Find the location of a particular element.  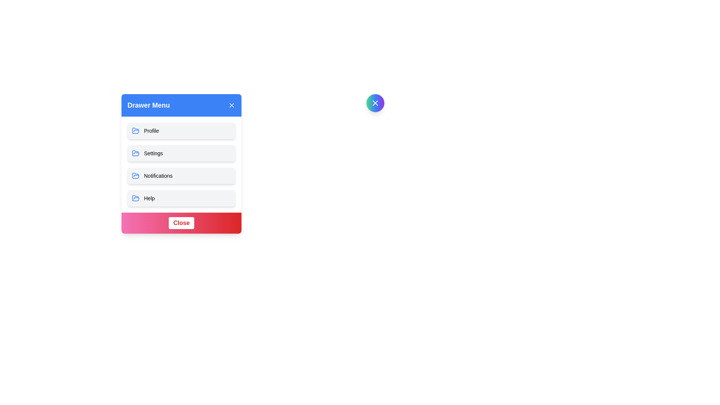

the 'Help' Icon, which is the leftmost component of the menu row labeled 'Help' is located at coordinates (135, 198).